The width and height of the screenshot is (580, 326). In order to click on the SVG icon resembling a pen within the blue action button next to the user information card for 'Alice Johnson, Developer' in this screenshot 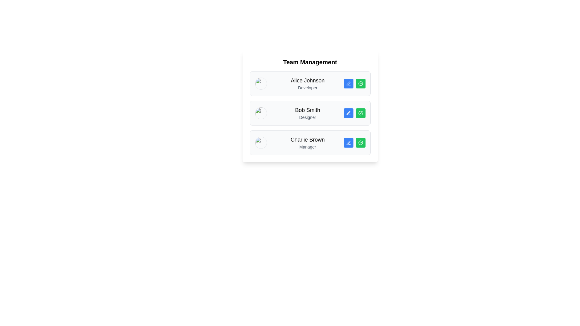, I will do `click(348, 83)`.